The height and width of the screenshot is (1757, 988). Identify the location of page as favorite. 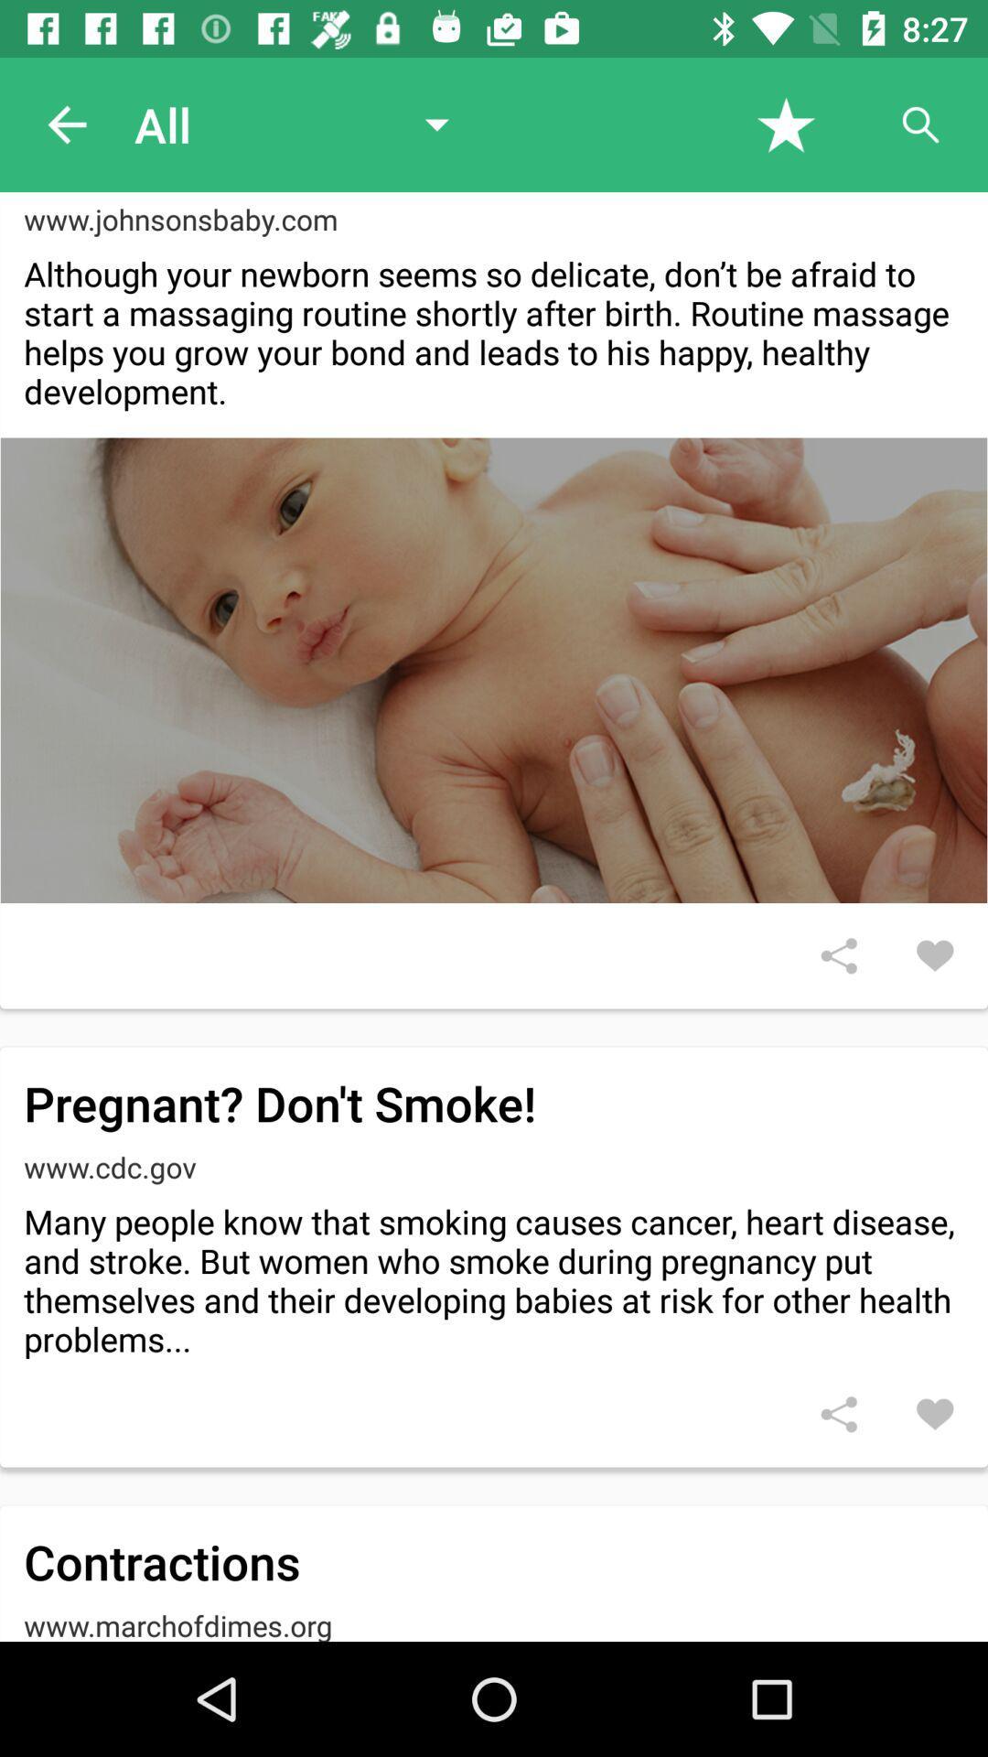
(785, 124).